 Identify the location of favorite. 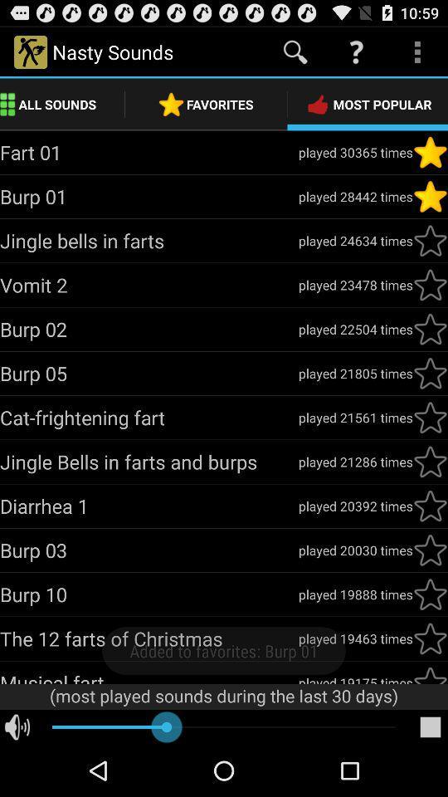
(430, 152).